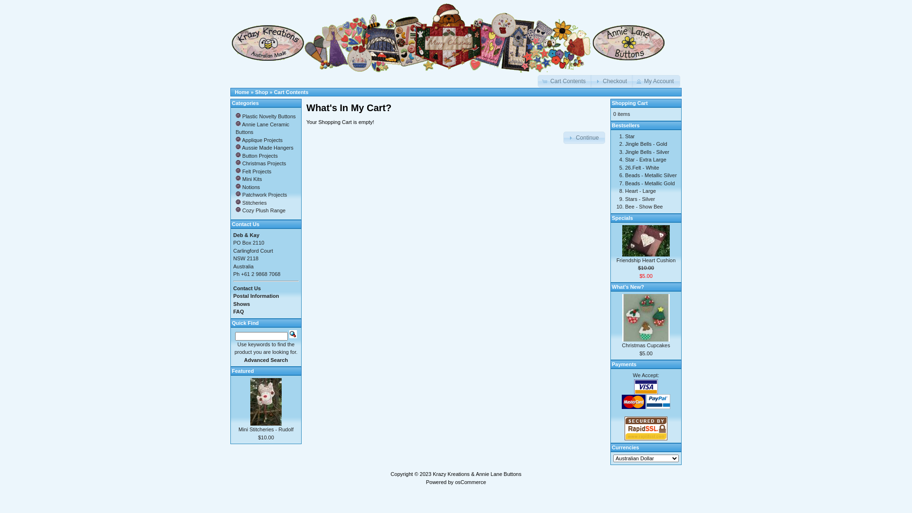 Image resolution: width=912 pixels, height=513 pixels. I want to click on 'osCommerce', so click(470, 482).